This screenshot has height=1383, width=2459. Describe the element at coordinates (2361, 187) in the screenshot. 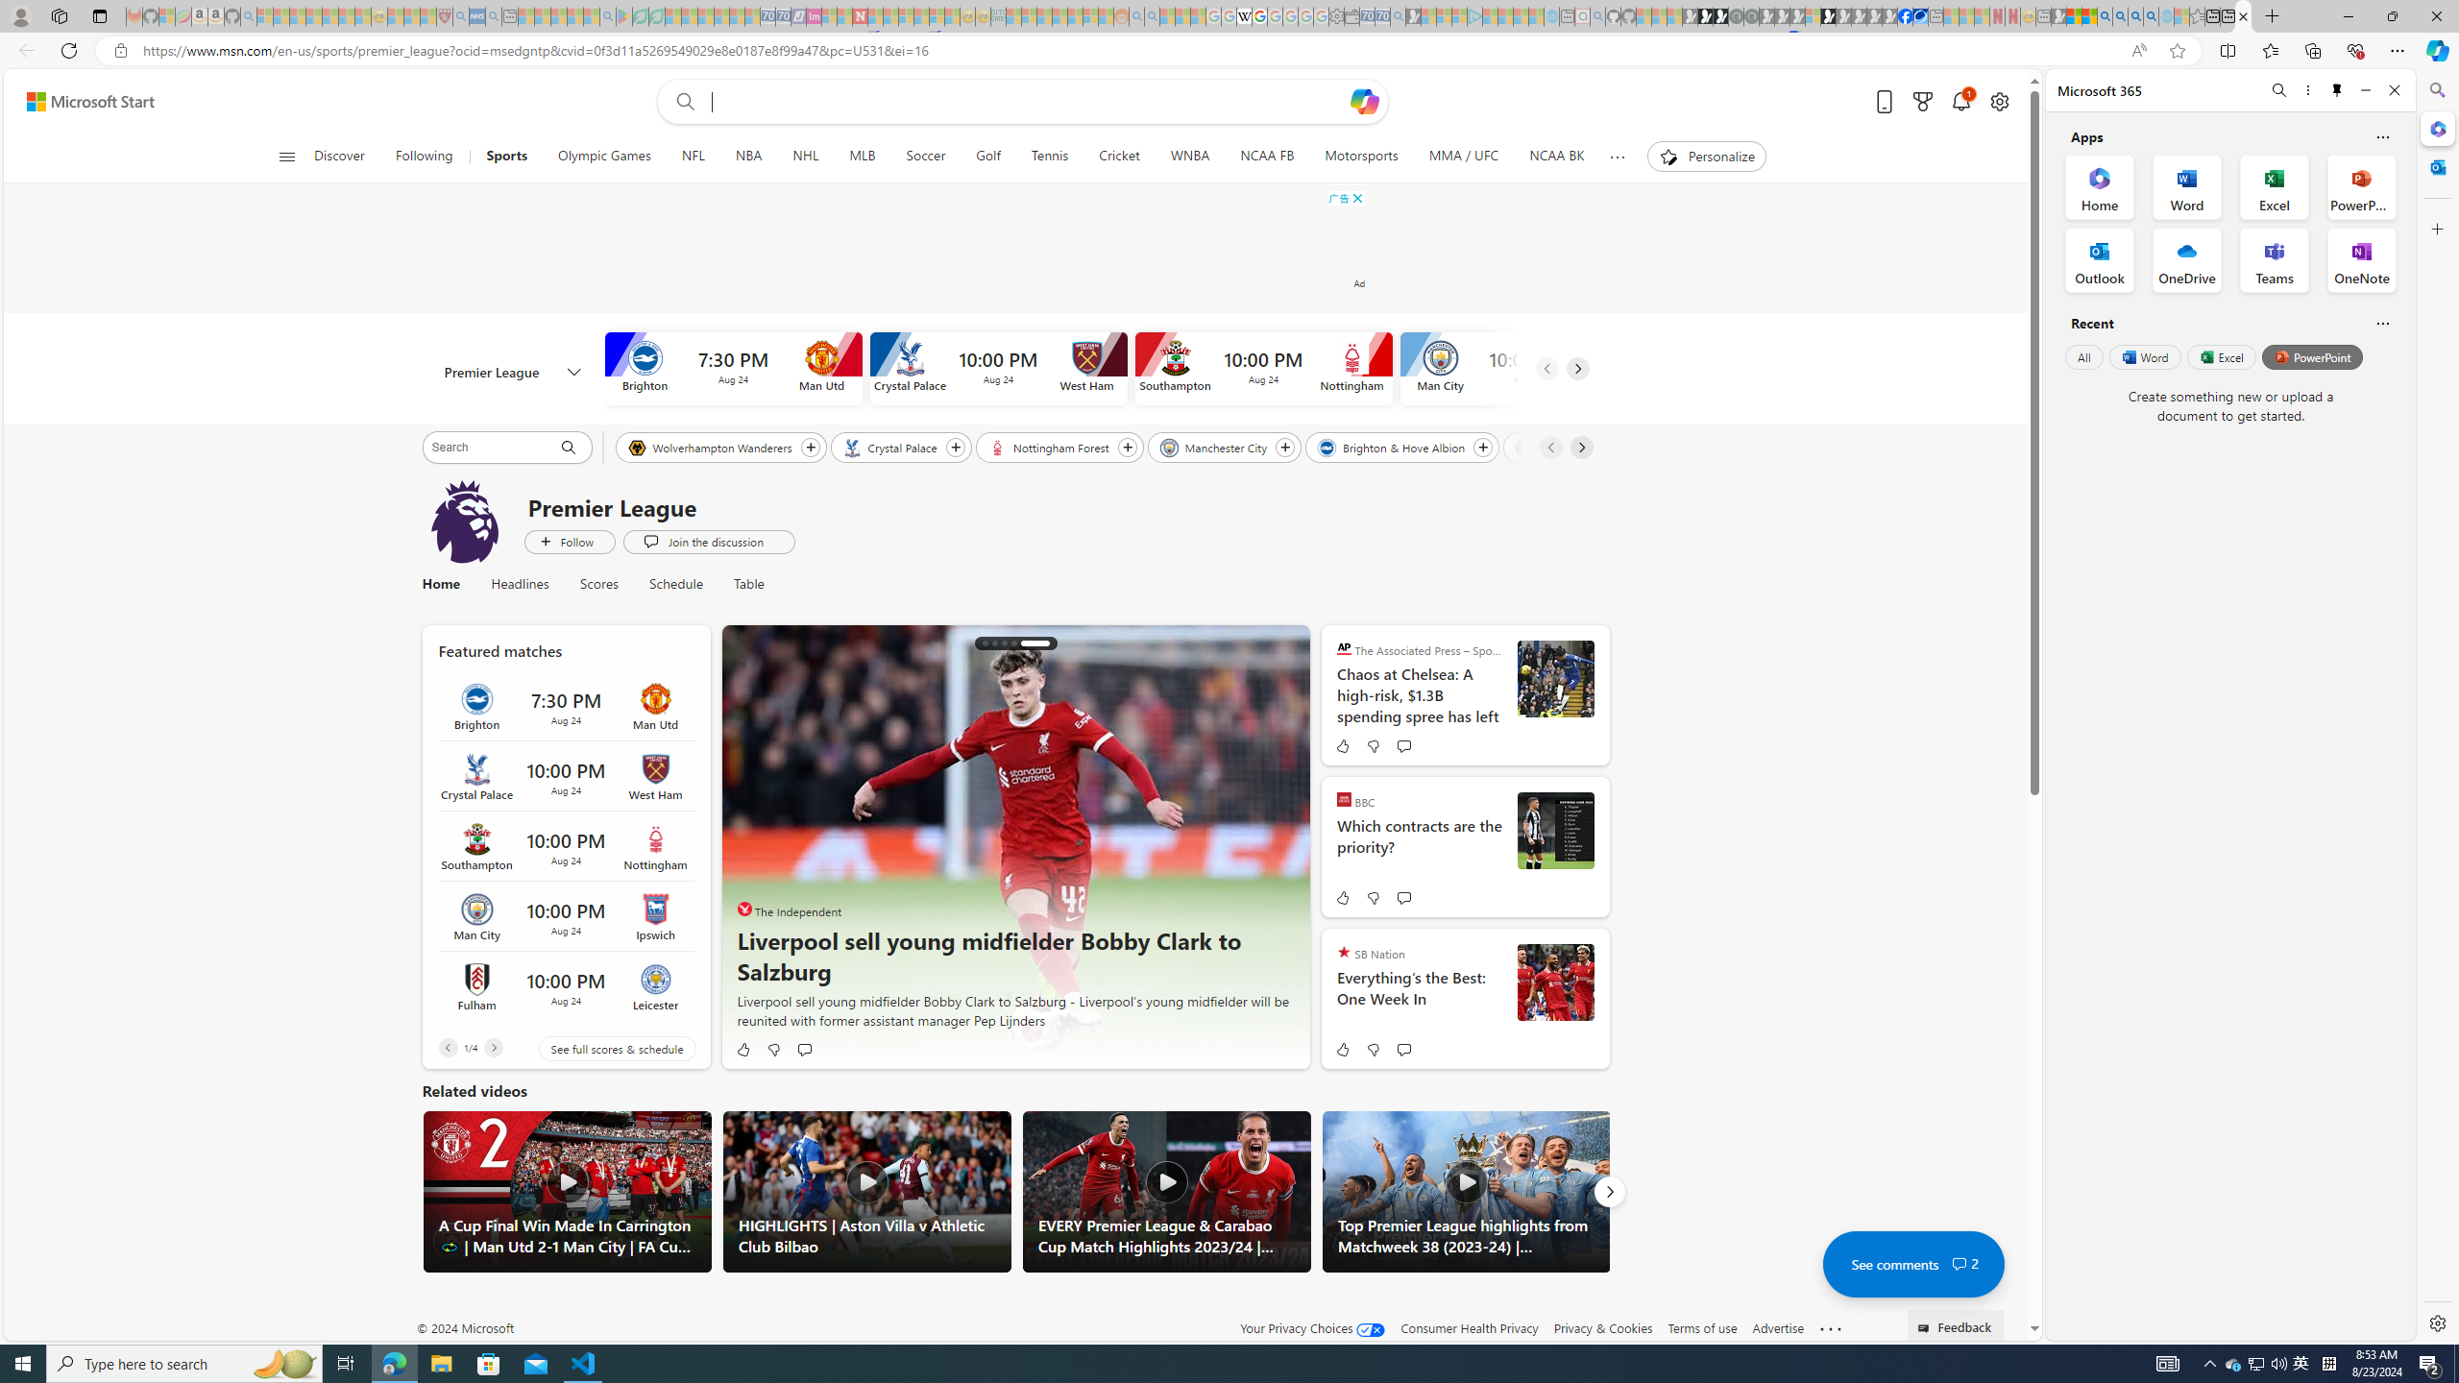

I see `'PowerPoint Office App'` at that location.